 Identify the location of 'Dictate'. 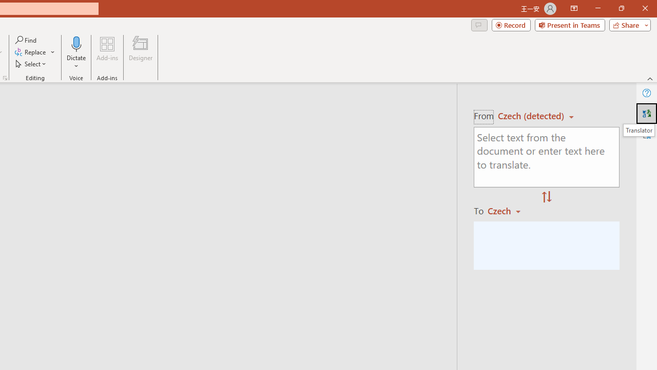
(76, 53).